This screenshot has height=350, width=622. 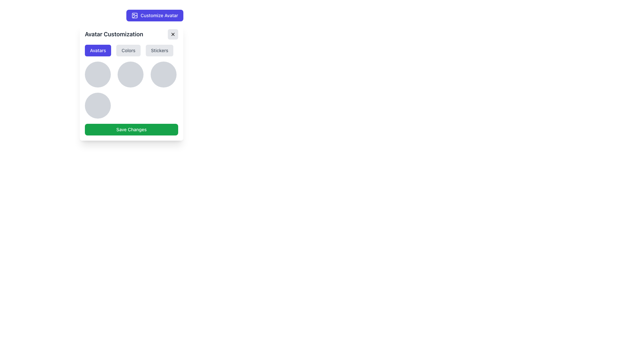 What do you see at coordinates (97, 105) in the screenshot?
I see `the Circular UI placeholder representing an avatar customization option located in the fourth position of the 3x2 grid layout under the 'Avatar Customization' section` at bounding box center [97, 105].